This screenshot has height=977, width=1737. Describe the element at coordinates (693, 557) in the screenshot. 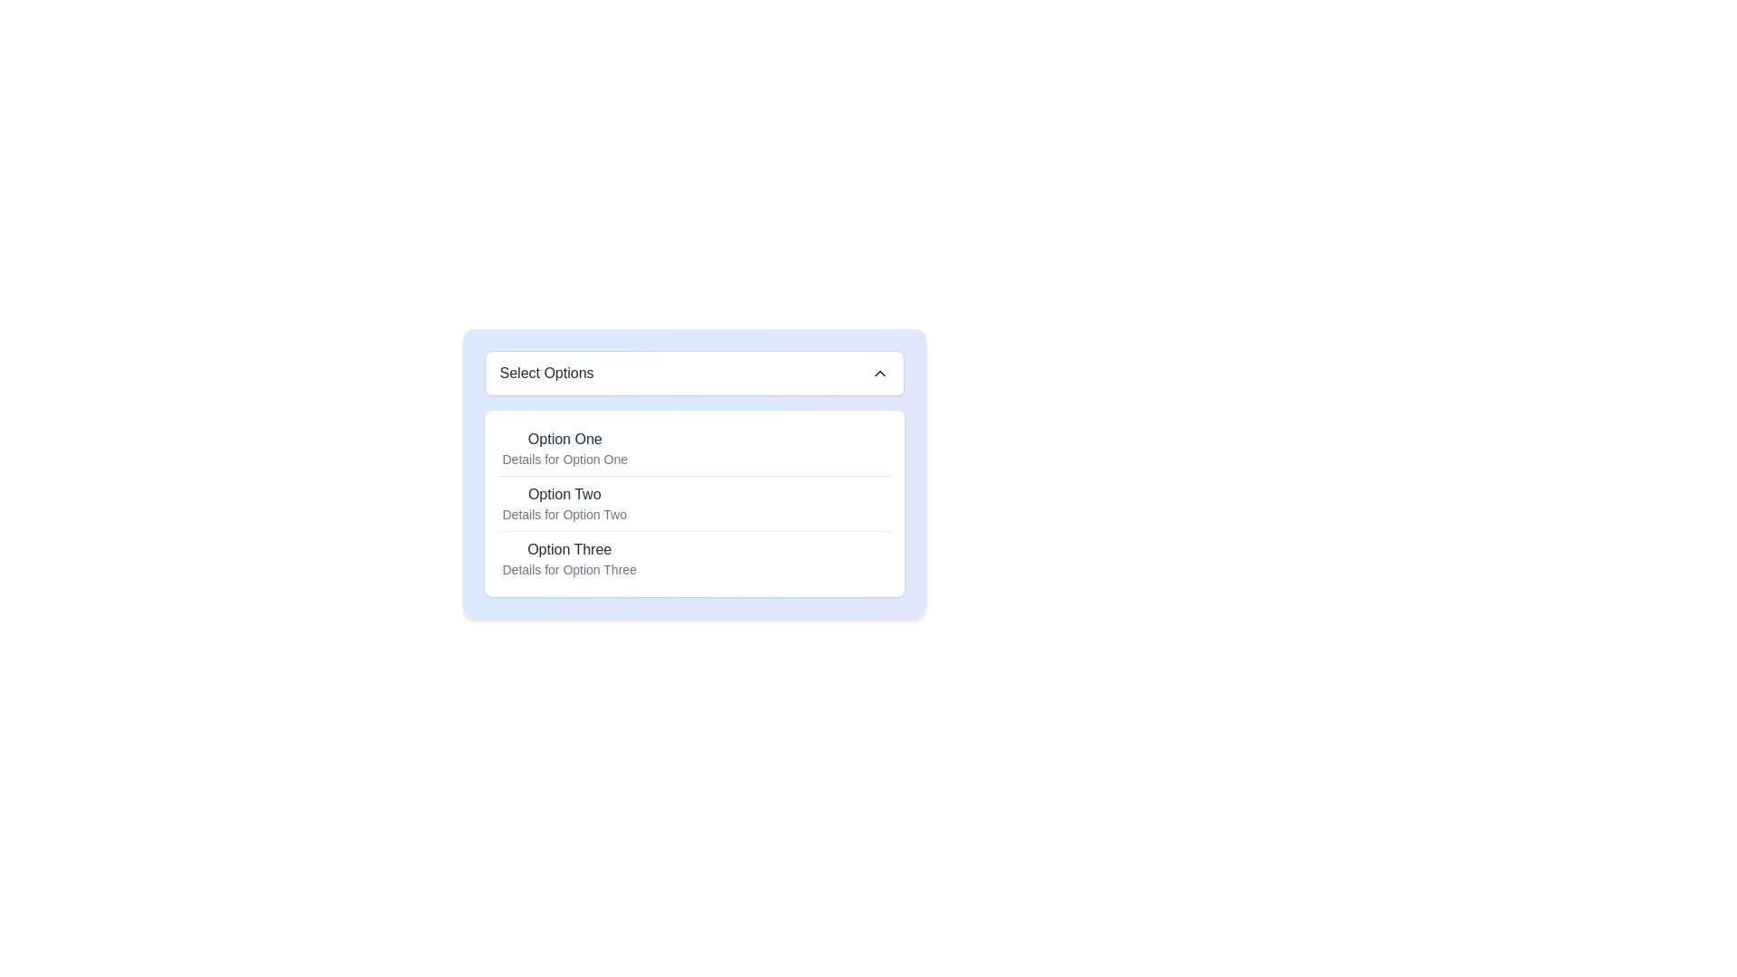

I see `the third option in the dropdown menu` at that location.